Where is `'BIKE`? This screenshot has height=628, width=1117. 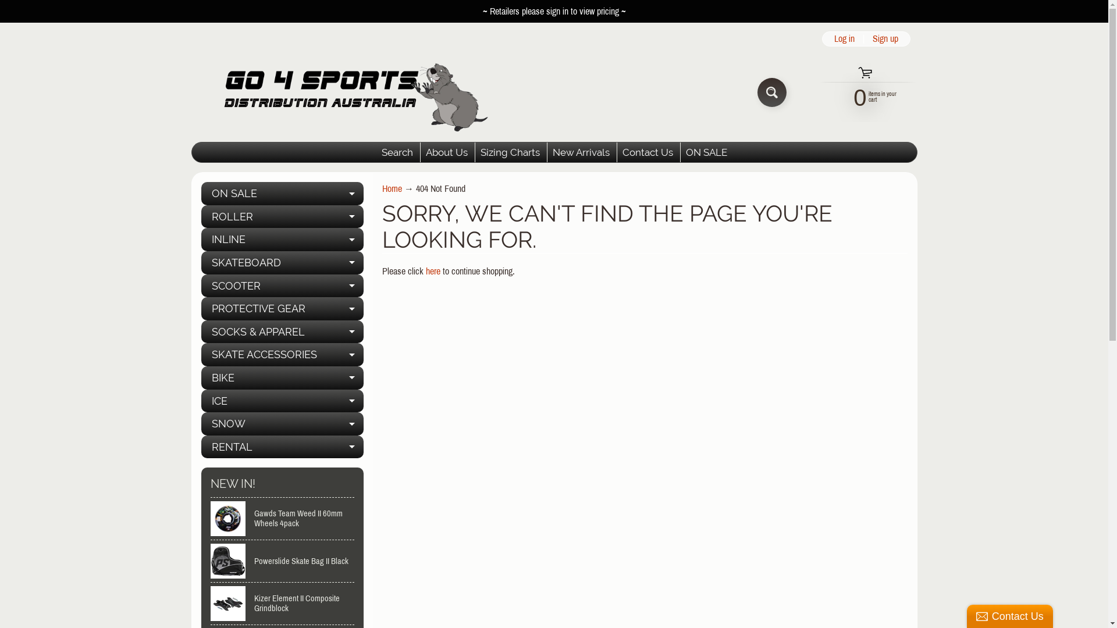
'BIKE is located at coordinates (282, 378).